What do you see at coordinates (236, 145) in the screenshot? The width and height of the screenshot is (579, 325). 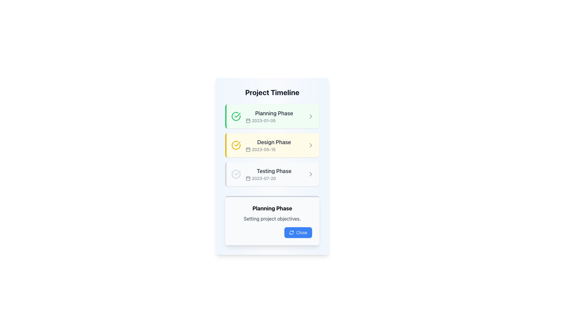 I see `the yellow checkmark icon located within the circular outline on the left side of the 'Design Phase' card, which symbolizes confirmation or completion` at bounding box center [236, 145].